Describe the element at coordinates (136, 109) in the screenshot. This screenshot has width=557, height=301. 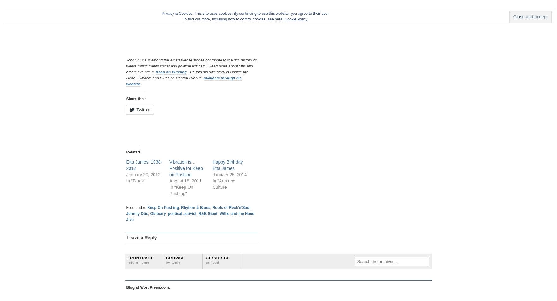
I see `'Twitter'` at that location.